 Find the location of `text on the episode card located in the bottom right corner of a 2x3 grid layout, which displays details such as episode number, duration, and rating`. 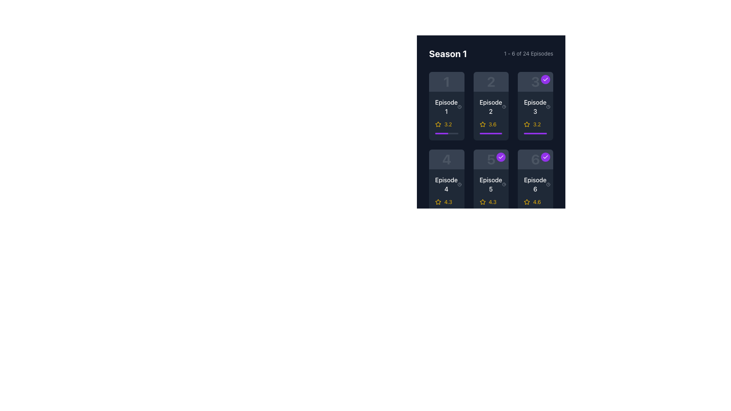

text on the episode card located in the bottom right corner of a 2x3 grid layout, which displays details such as episode number, duration, and rating is located at coordinates (535, 184).